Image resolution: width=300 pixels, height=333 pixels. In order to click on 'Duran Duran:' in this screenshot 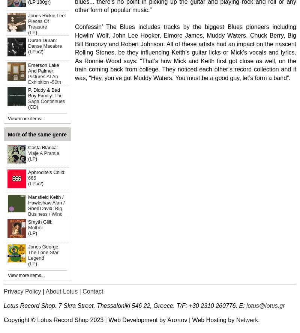, I will do `click(42, 40)`.